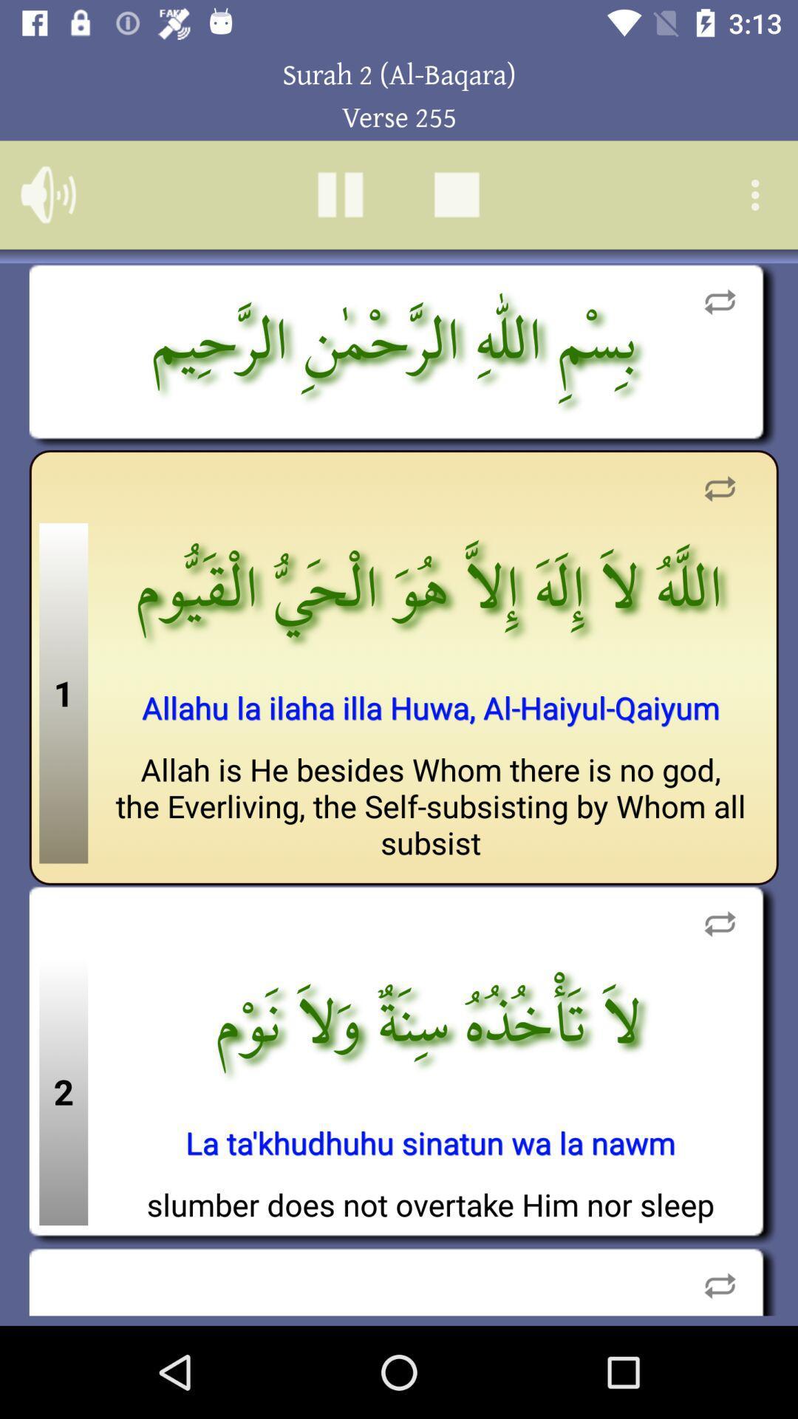  I want to click on stop scrolling, so click(456, 194).